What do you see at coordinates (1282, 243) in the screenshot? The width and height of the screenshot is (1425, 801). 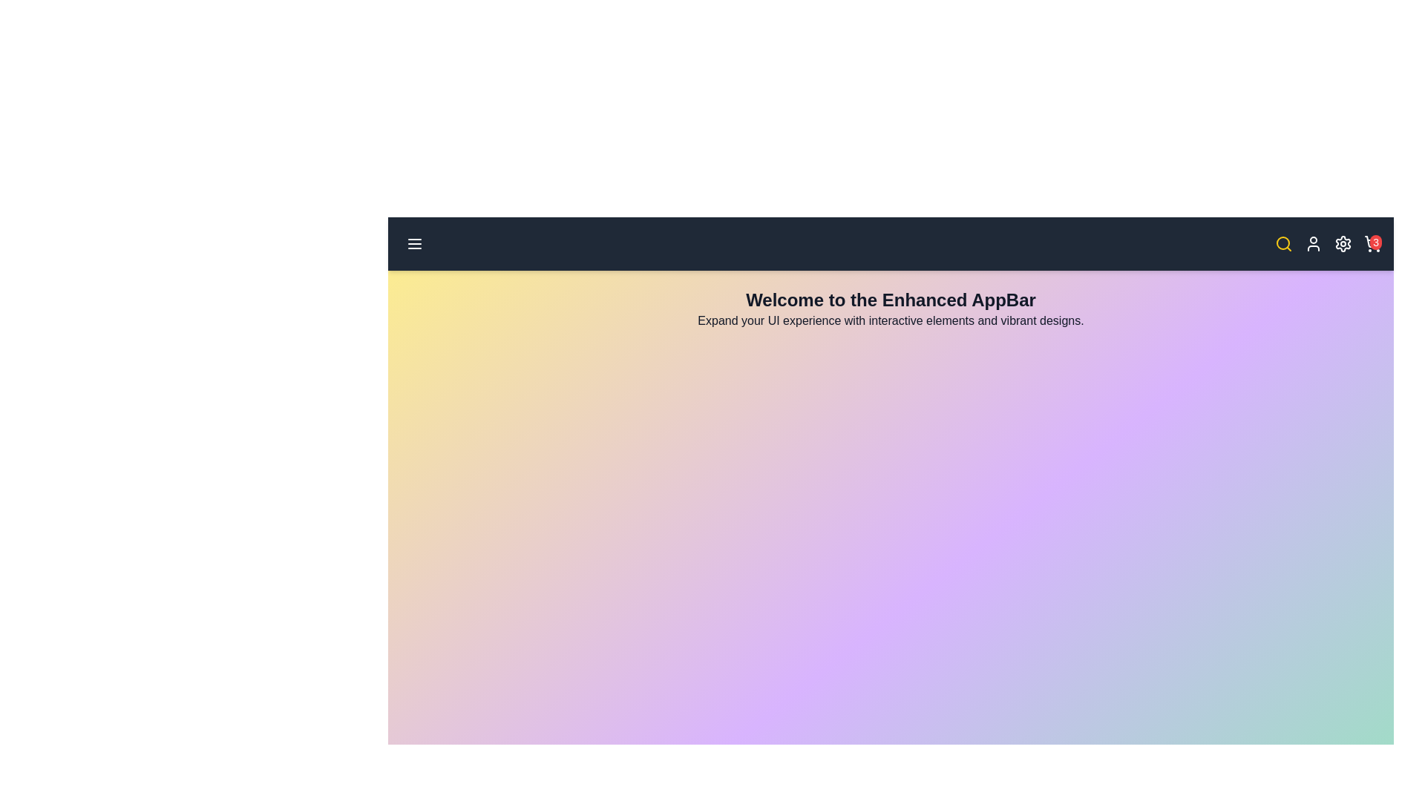 I see `the search icon to toggle its focus state` at bounding box center [1282, 243].